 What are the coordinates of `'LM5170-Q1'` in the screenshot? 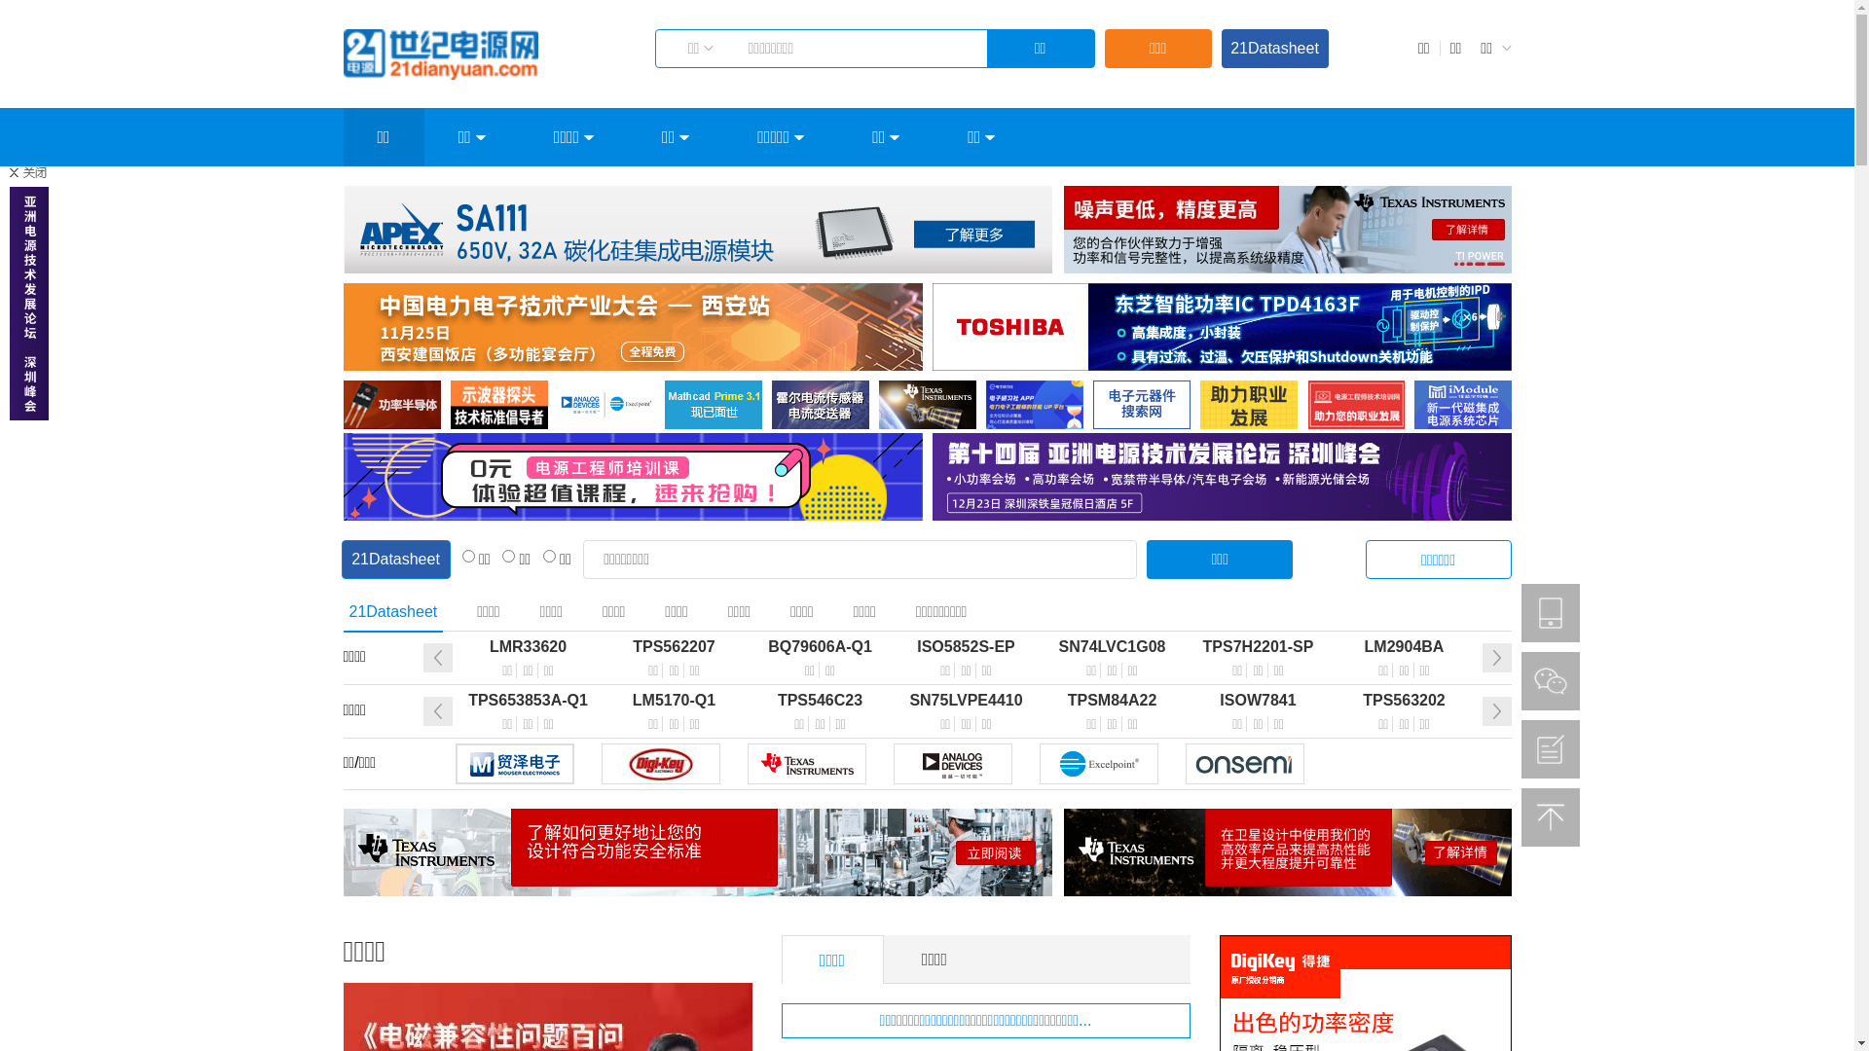 It's located at (674, 701).